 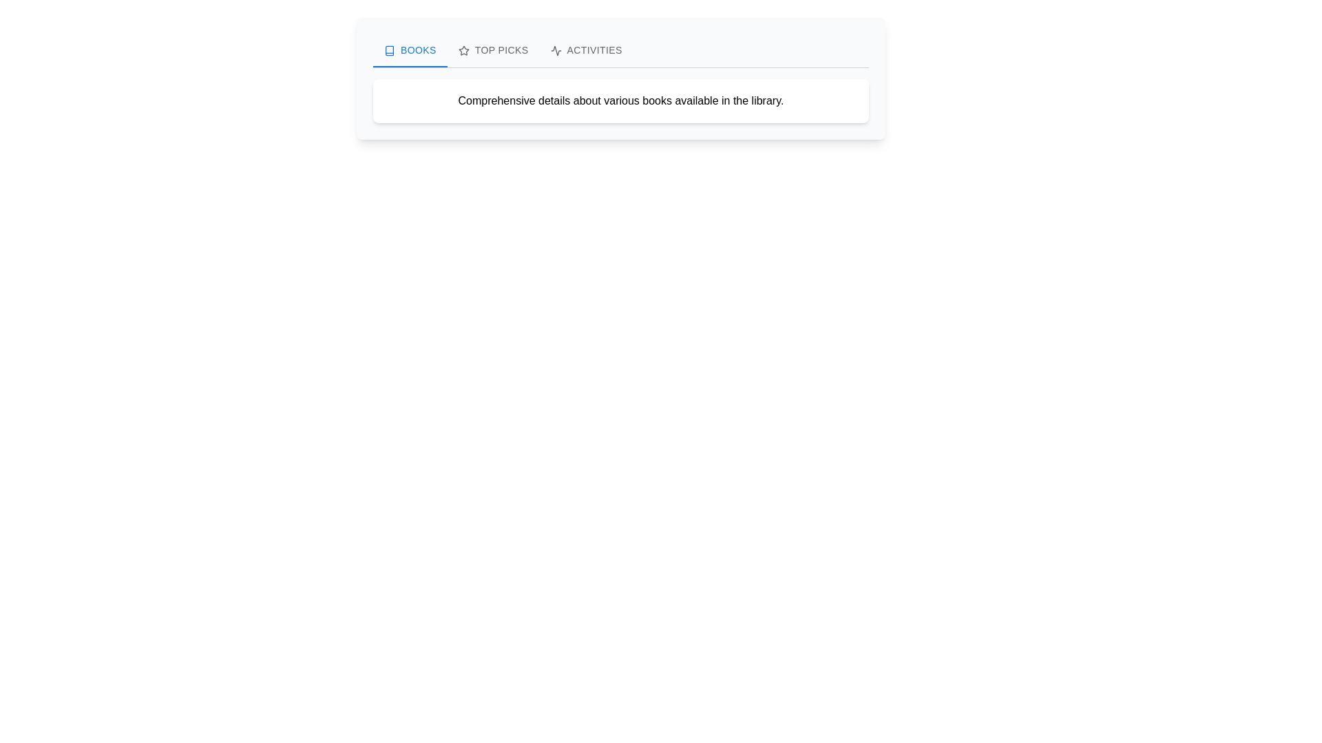 I want to click on the activity waveform icon located to the left of the 'Activities' label in the third navigation option of the top menu, so click(x=556, y=50).